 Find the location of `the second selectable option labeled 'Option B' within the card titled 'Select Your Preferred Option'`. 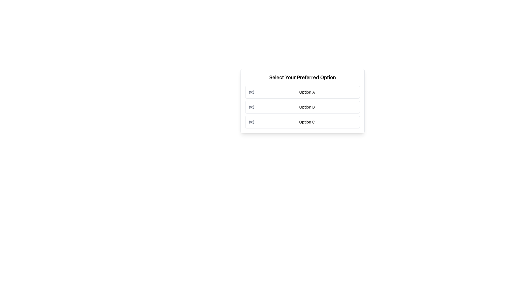

the second selectable option labeled 'Option B' within the card titled 'Select Your Preferred Option' is located at coordinates (302, 101).